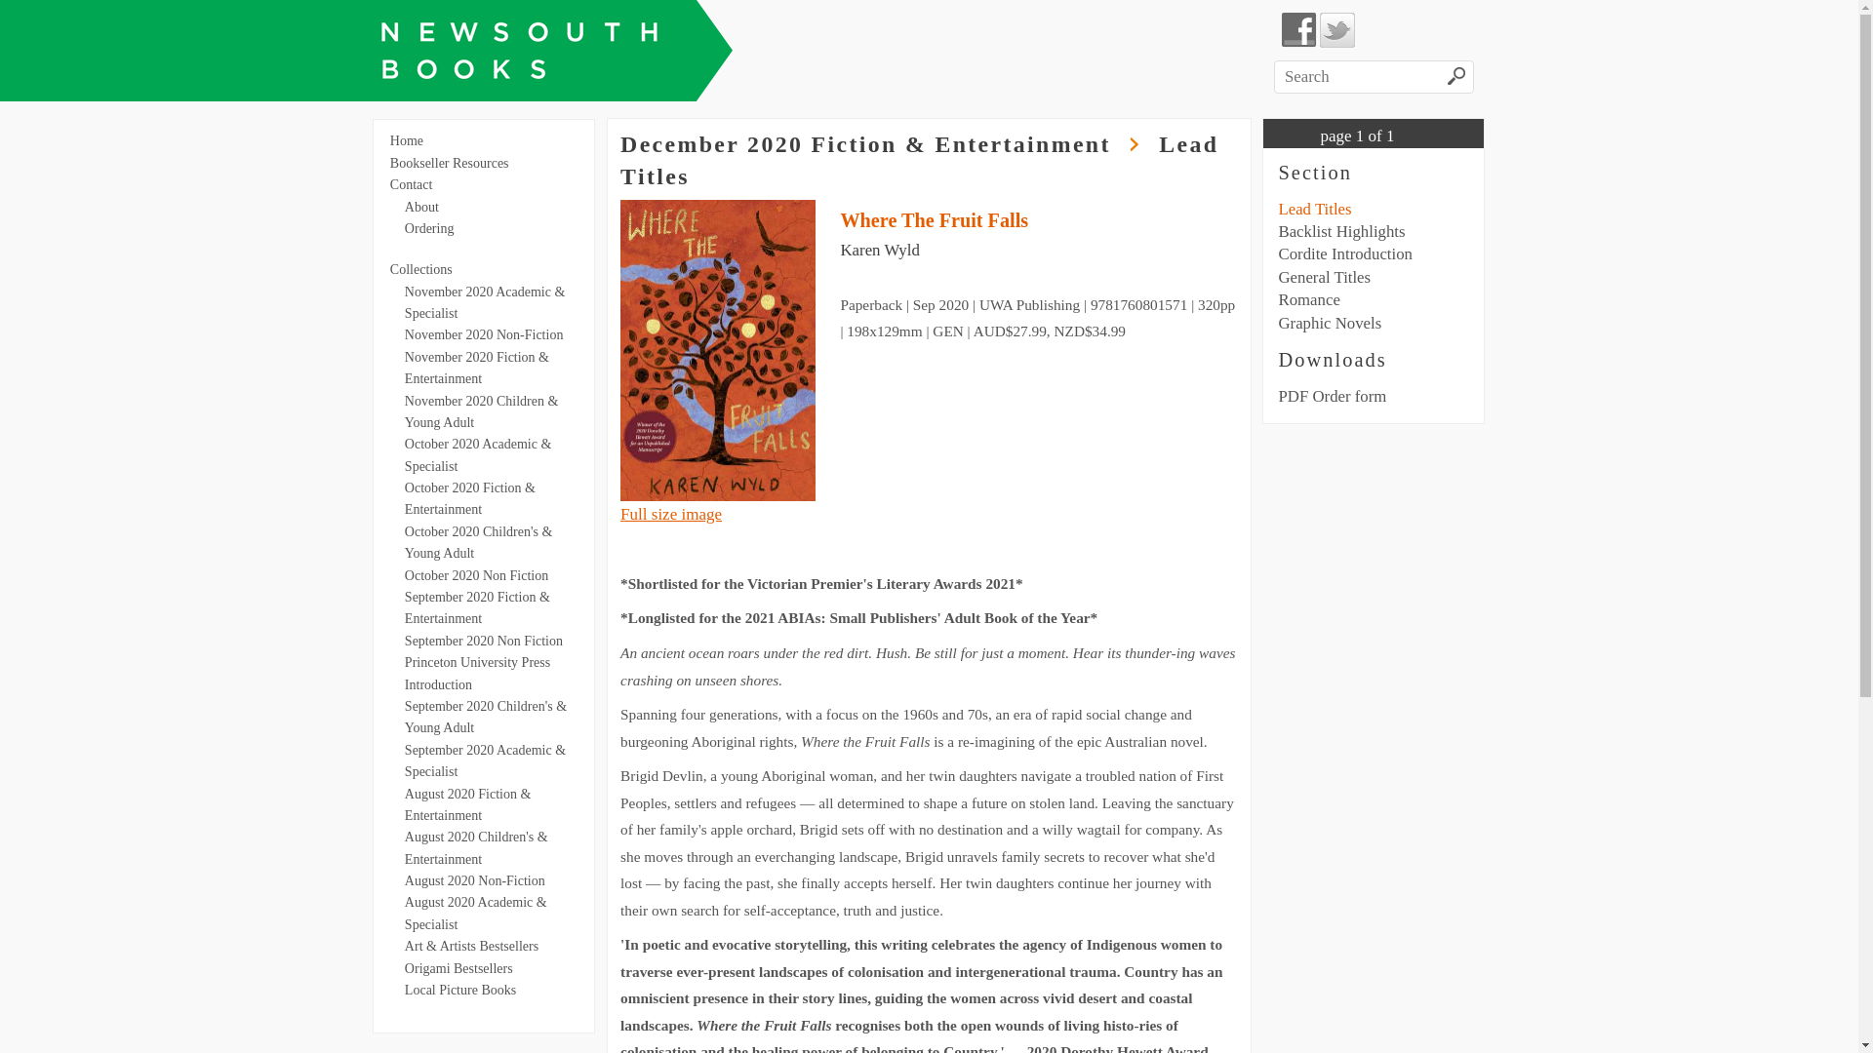 The image size is (1873, 1053). I want to click on 'Where The Fruit Falls', so click(933, 219).